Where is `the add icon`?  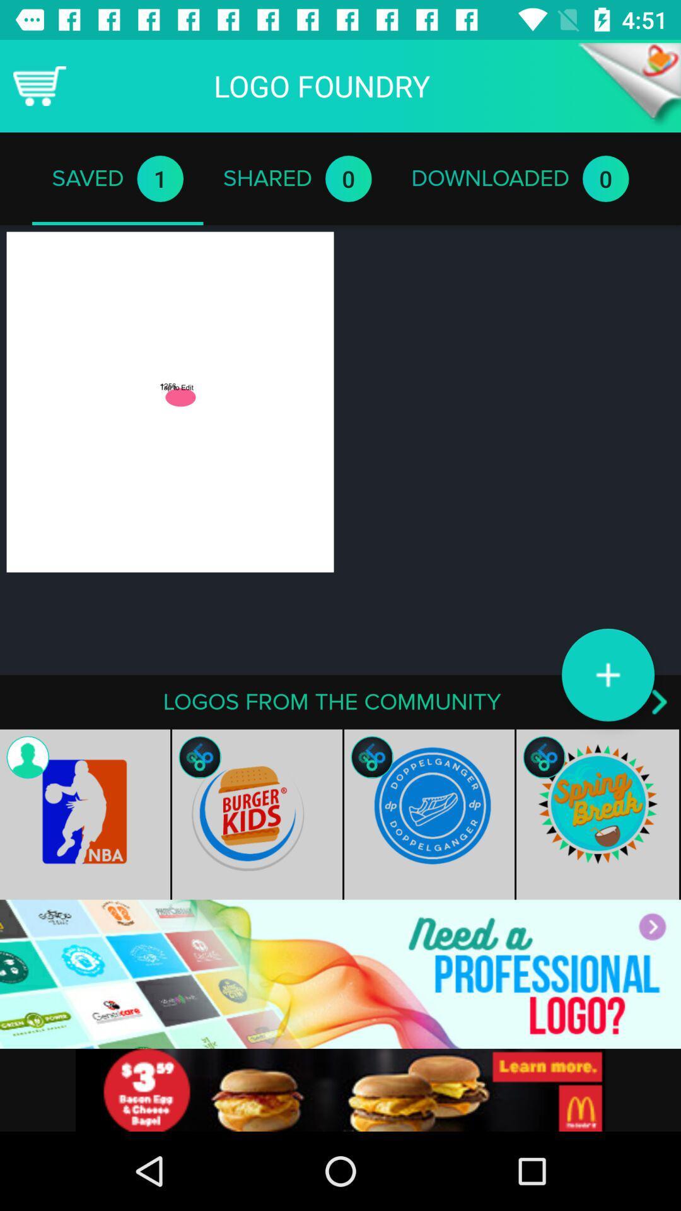 the add icon is located at coordinates (607, 674).